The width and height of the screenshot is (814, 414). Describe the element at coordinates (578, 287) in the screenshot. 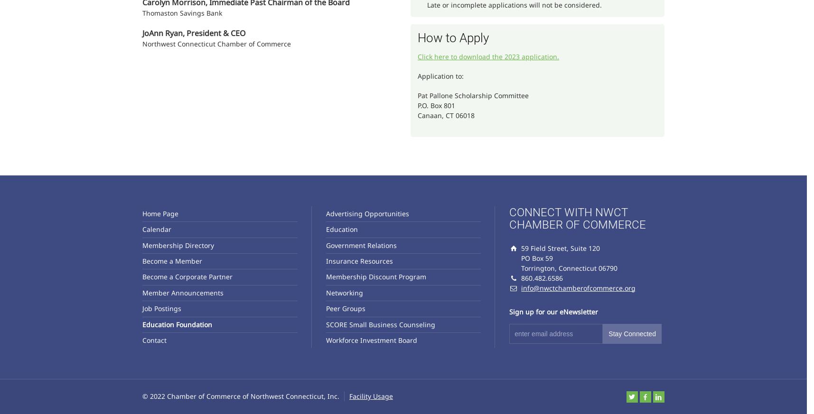

I see `'info@nwctchamberofcommerce.org'` at that location.